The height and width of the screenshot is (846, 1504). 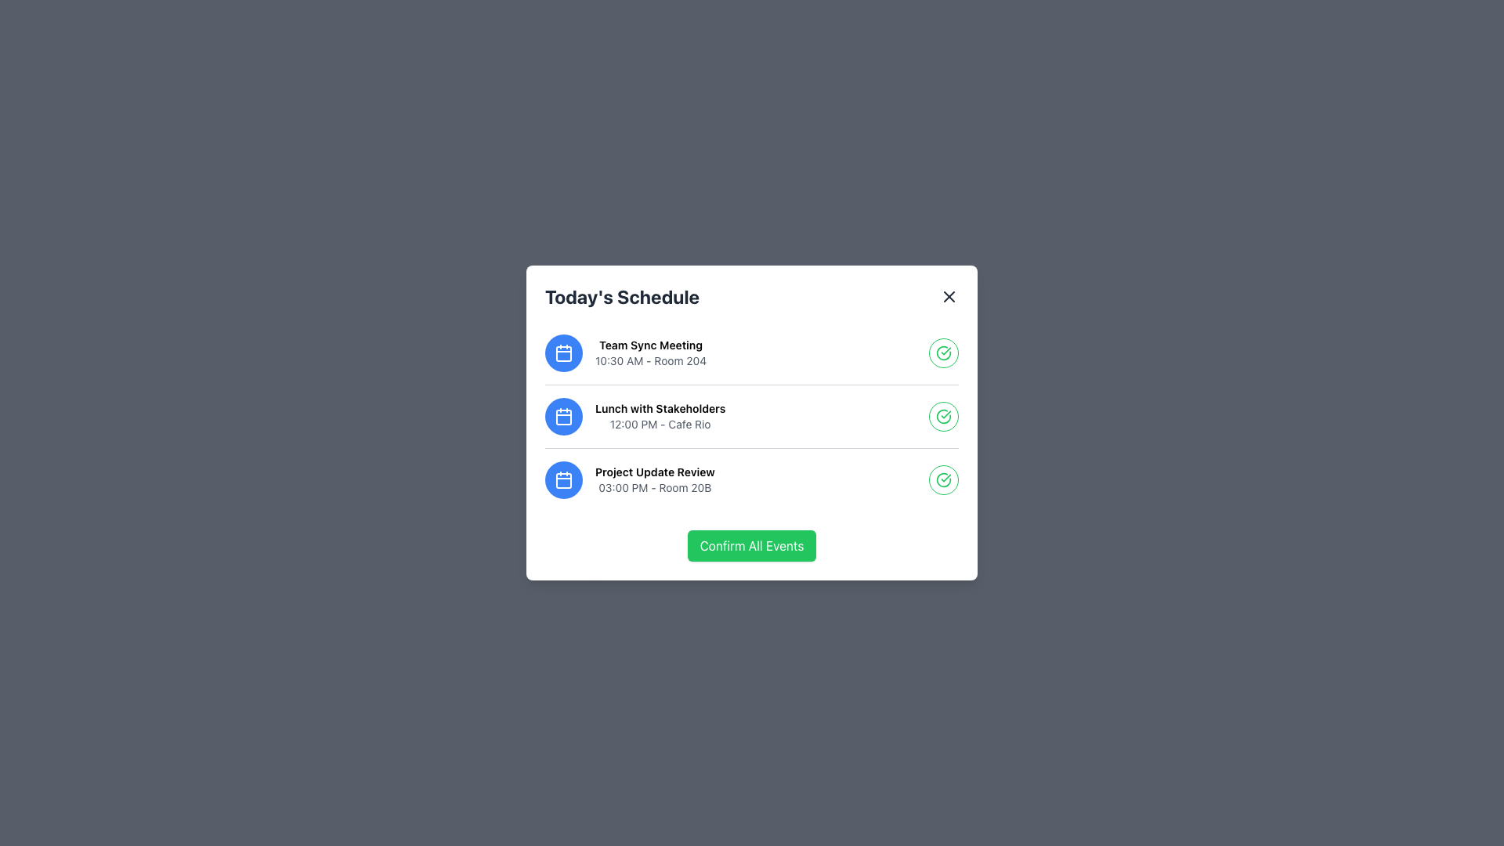 I want to click on the SVG rectangle element that serves as the background of the calendar icon for the event item 'Project Update Review', so click(x=564, y=479).